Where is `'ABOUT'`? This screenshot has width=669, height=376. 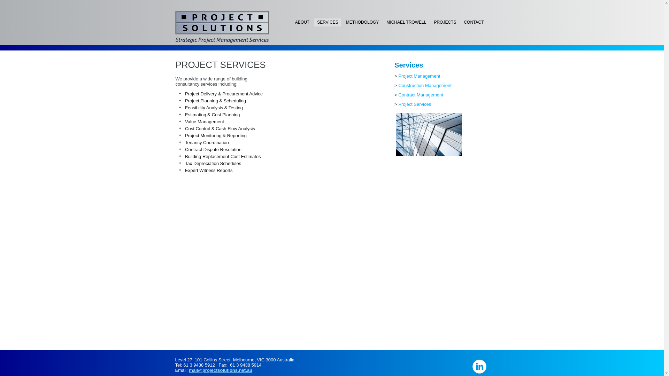 'ABOUT' is located at coordinates (292, 22).